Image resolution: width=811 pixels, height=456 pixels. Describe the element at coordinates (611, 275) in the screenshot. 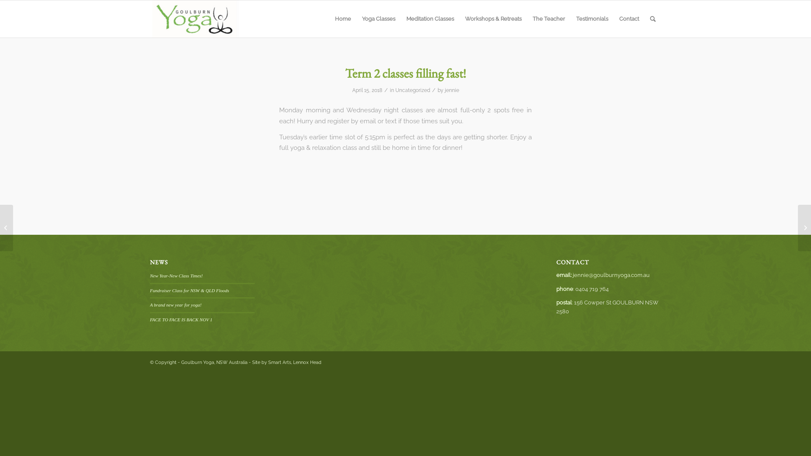

I see `'jennie@goulburnyoga.com.au'` at that location.